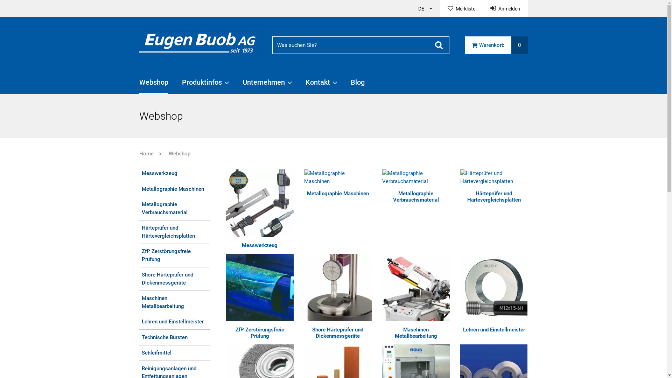 Image resolution: width=672 pixels, height=378 pixels. What do you see at coordinates (487, 45) in the screenshot?
I see `'Warenkorb'` at bounding box center [487, 45].